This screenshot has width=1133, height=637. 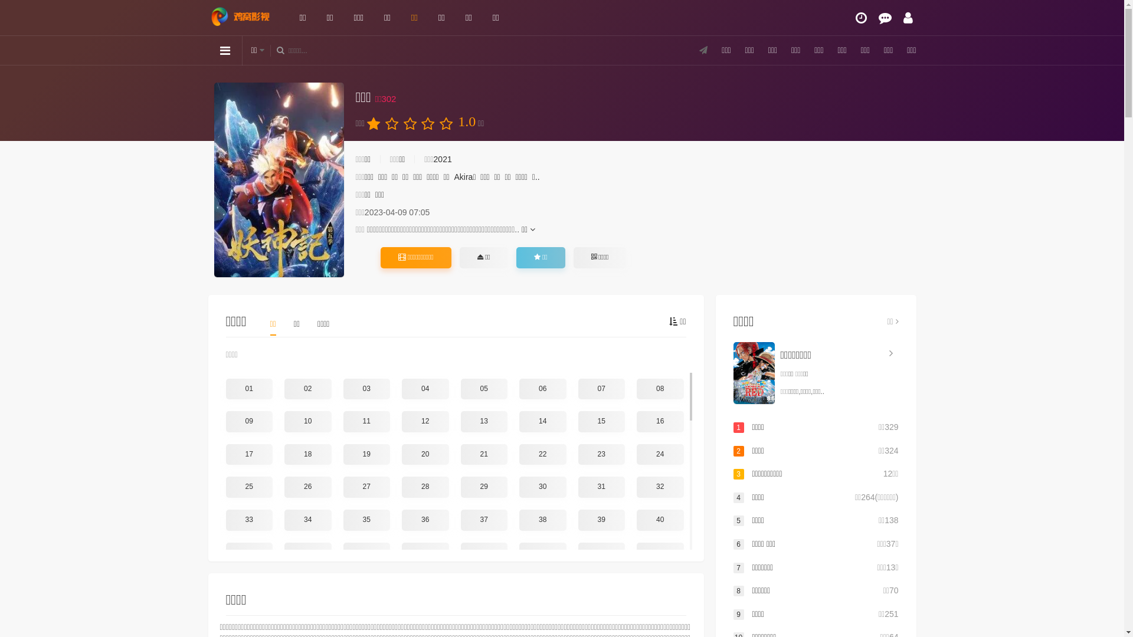 I want to click on '10', so click(x=308, y=421).